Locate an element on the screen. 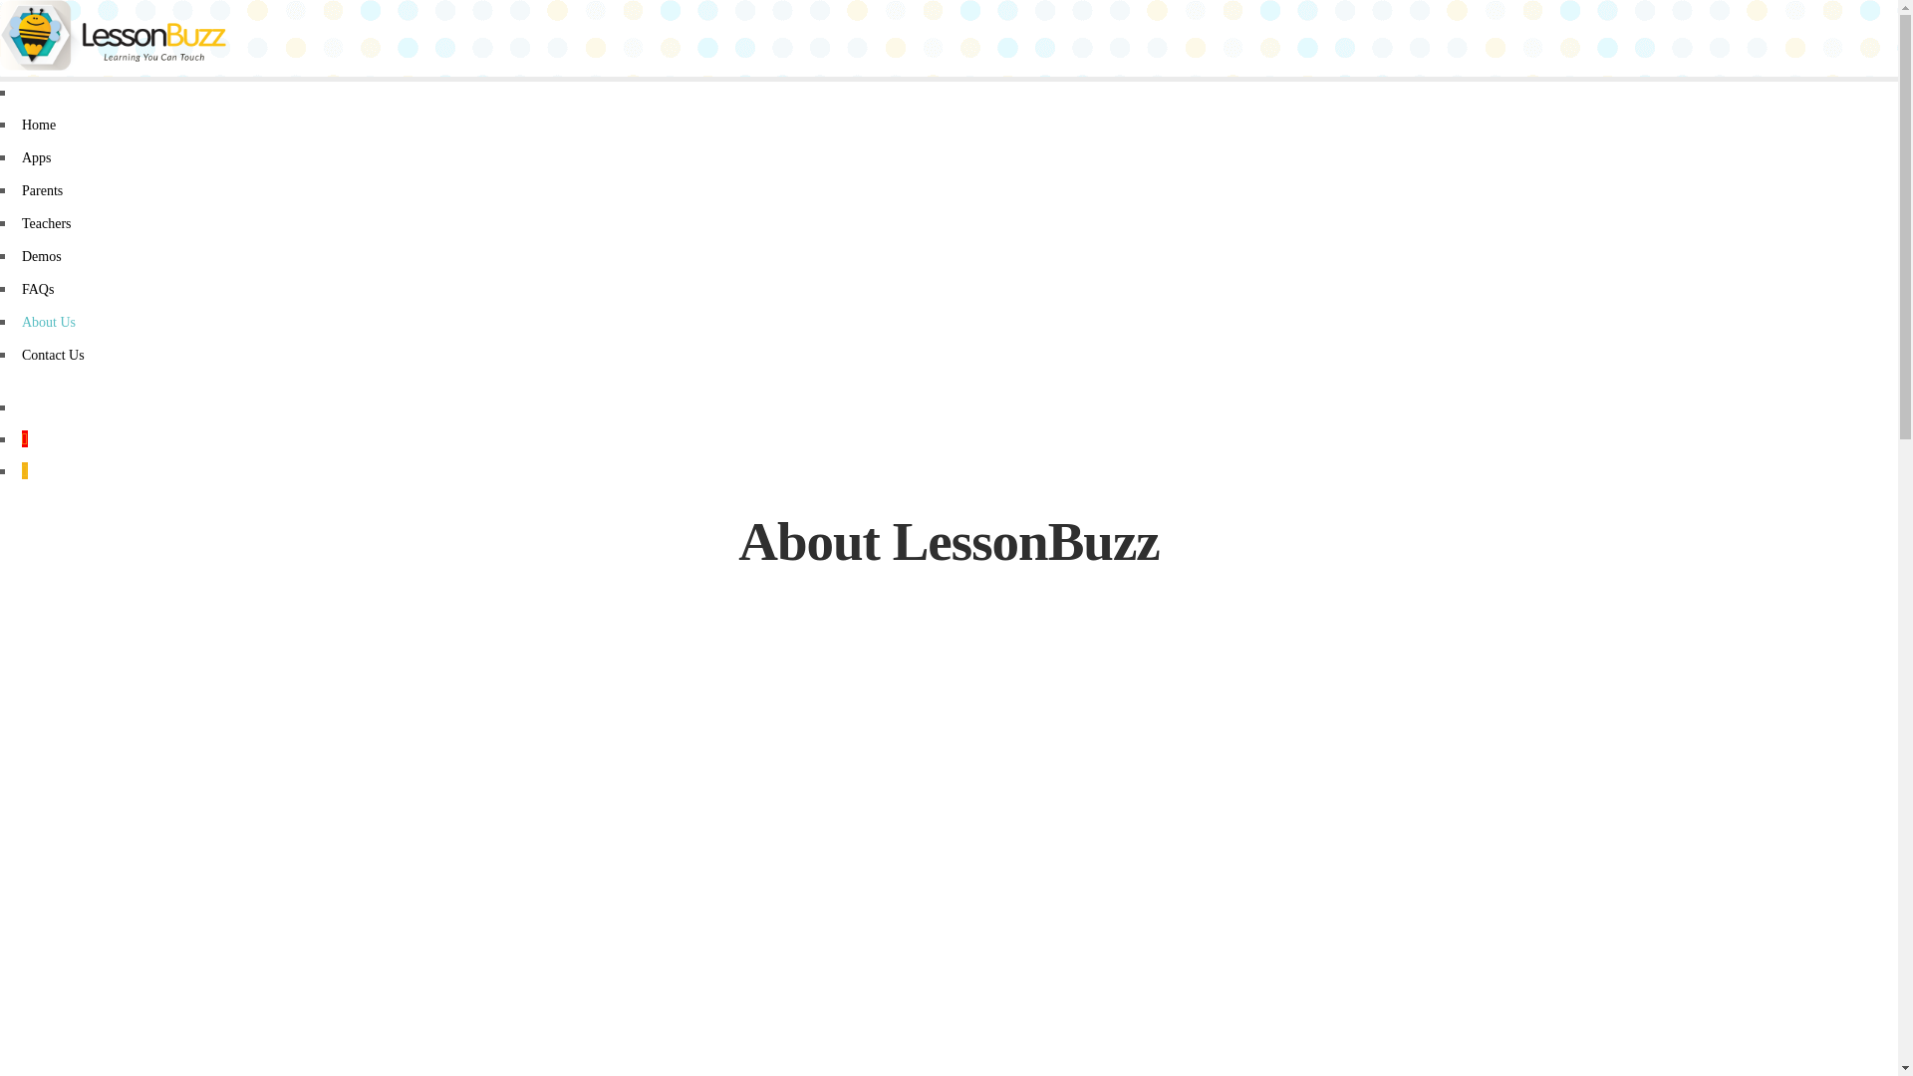  'Contact Us' is located at coordinates (53, 354).